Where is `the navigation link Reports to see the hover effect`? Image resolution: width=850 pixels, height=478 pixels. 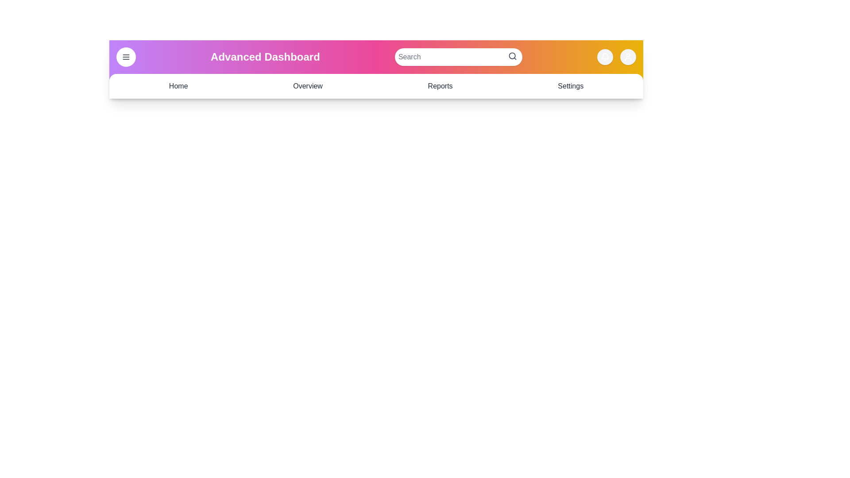
the navigation link Reports to see the hover effect is located at coordinates (440, 86).